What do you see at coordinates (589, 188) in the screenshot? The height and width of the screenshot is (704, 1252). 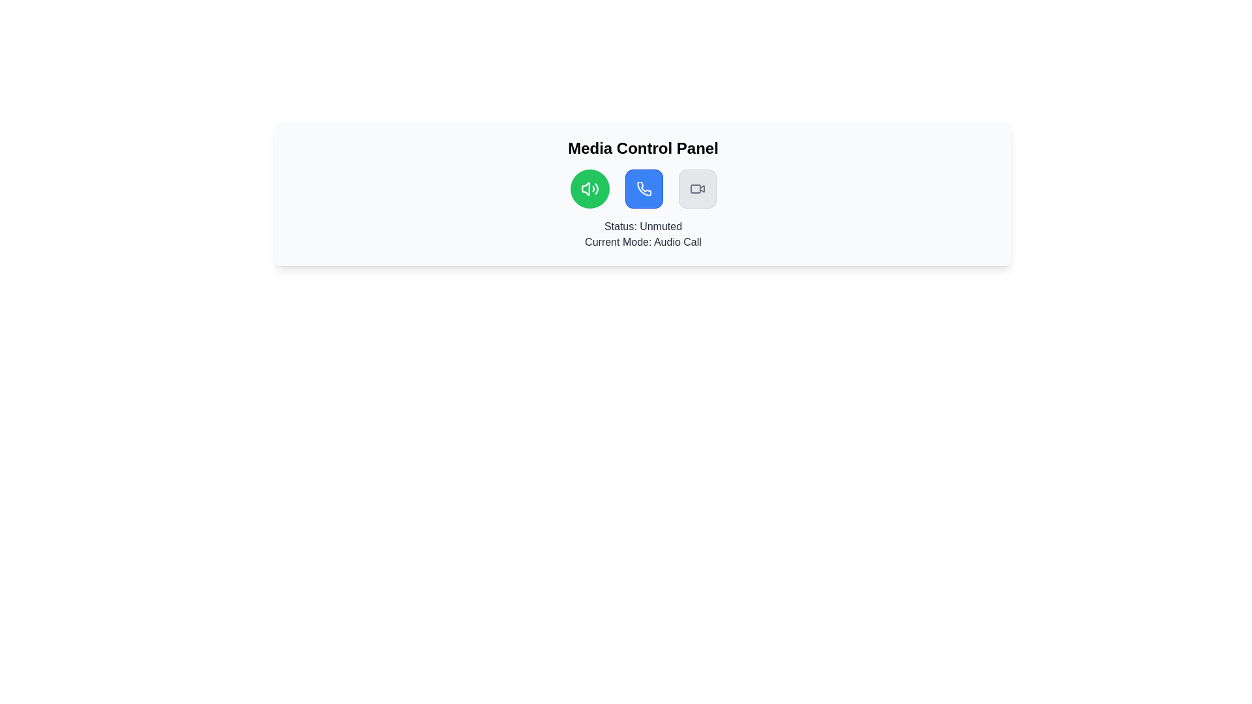 I see `the circular green mute button with a speaker icon in the Media Control Panel` at bounding box center [589, 188].